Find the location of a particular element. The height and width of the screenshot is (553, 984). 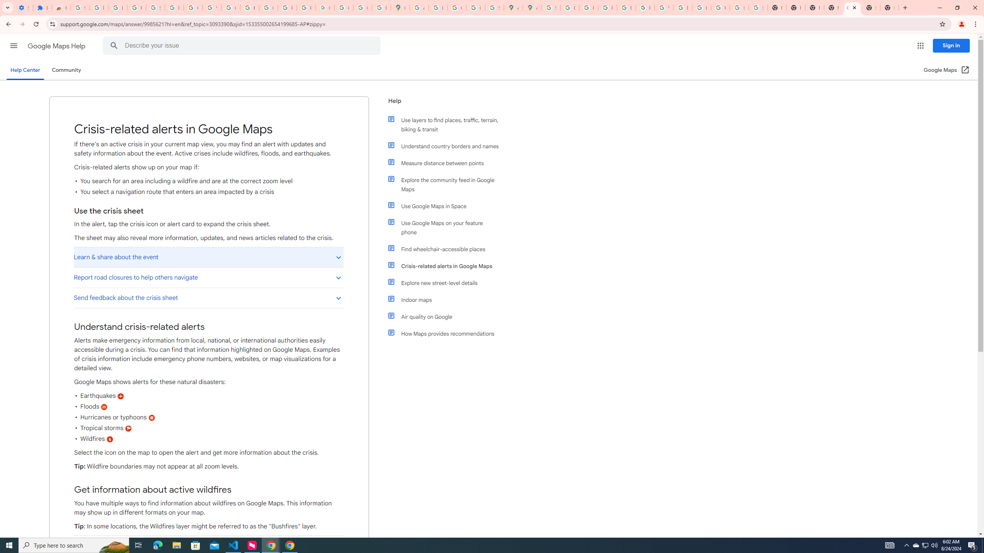

'Explore the community feed in Google Maps' is located at coordinates (447, 184).